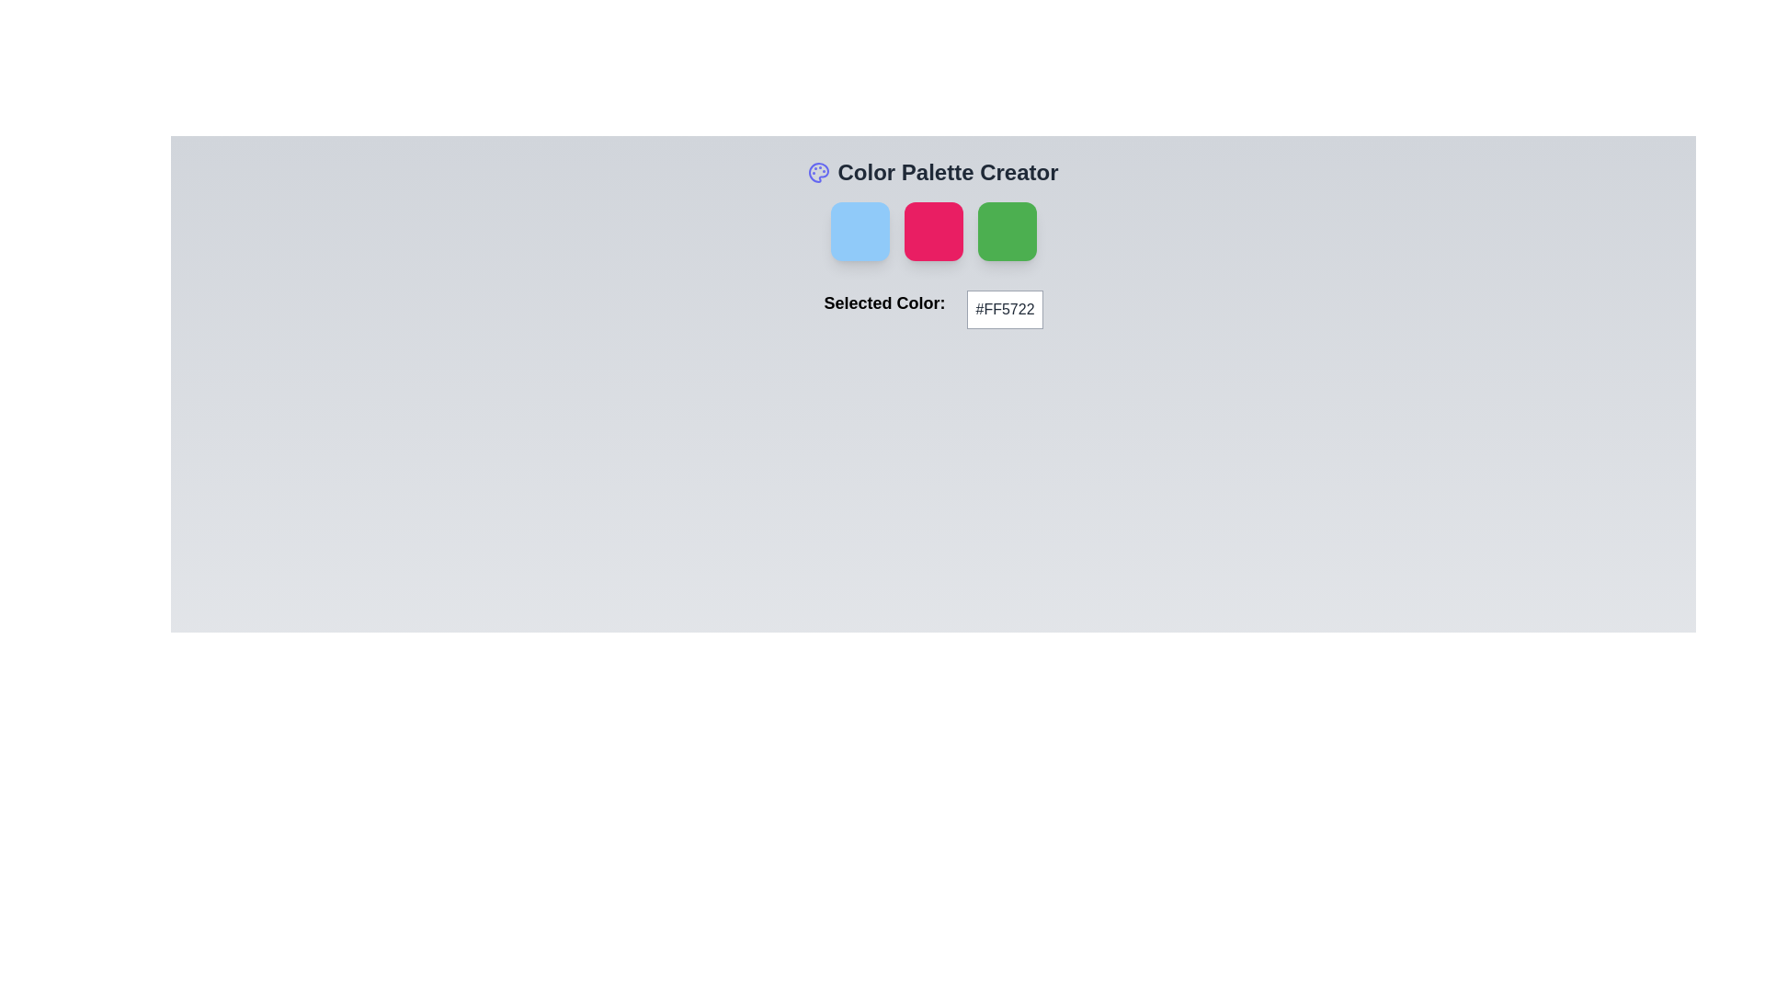 This screenshot has height=993, width=1765. What do you see at coordinates (859, 230) in the screenshot?
I see `the first interactive color option button with a light blue background` at bounding box center [859, 230].